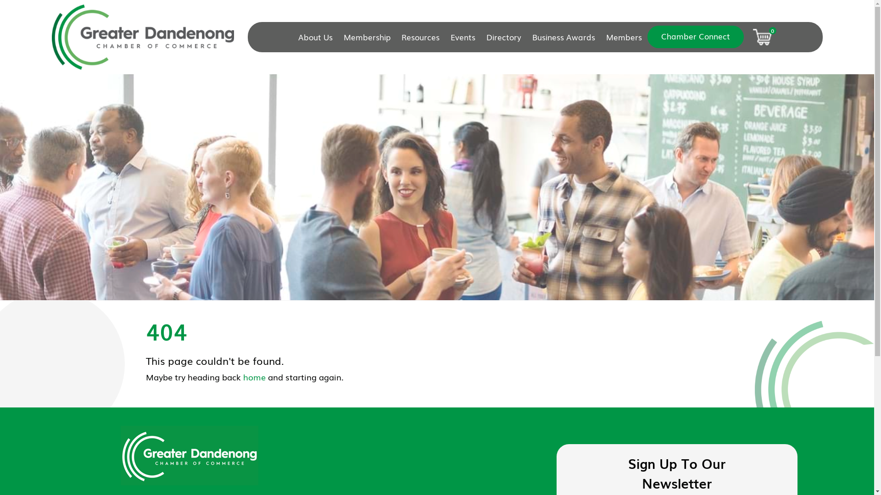 This screenshot has width=881, height=495. What do you see at coordinates (318, 37) in the screenshot?
I see `'About Us'` at bounding box center [318, 37].